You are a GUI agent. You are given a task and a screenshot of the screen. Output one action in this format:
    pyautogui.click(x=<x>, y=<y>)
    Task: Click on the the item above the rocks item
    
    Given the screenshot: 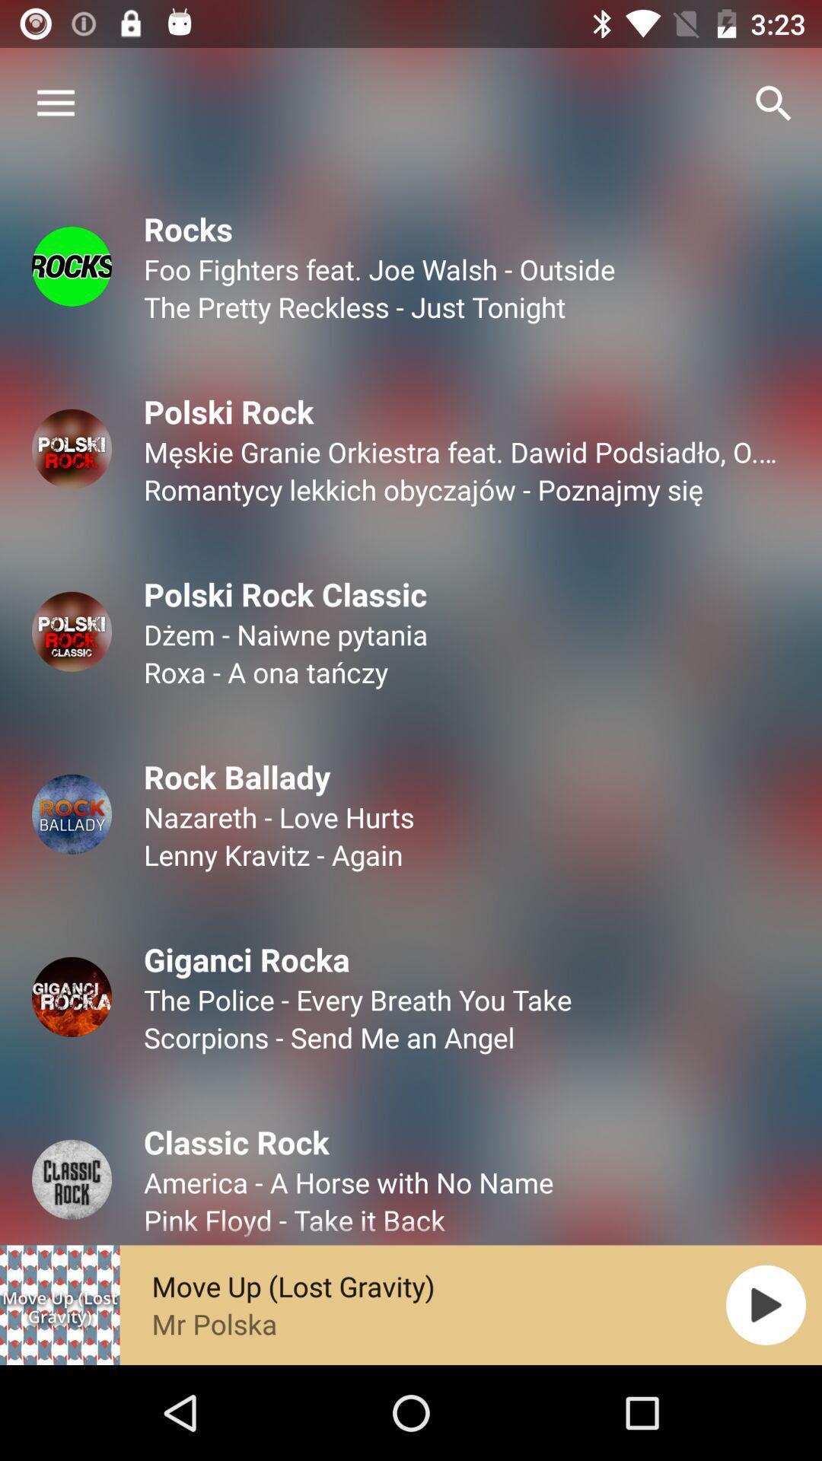 What is the action you would take?
    pyautogui.click(x=55, y=103)
    